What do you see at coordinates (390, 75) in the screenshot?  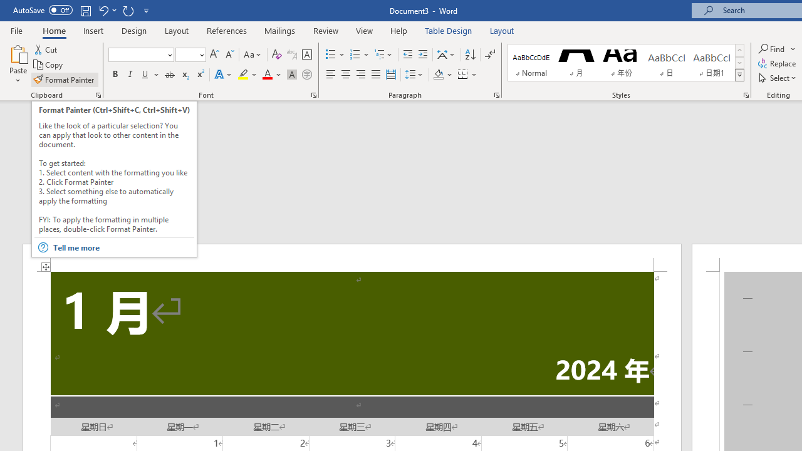 I see `'Distributed'` at bounding box center [390, 75].